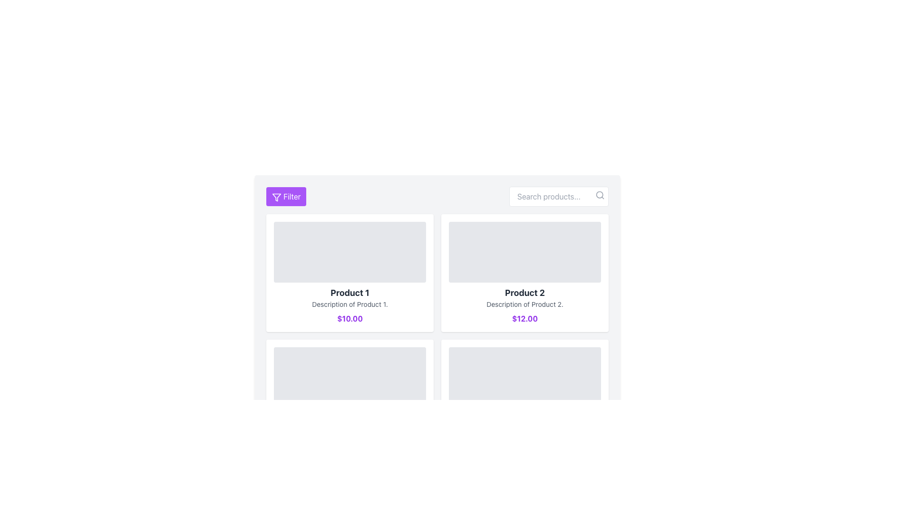 This screenshot has height=513, width=913. What do you see at coordinates (349, 304) in the screenshot?
I see `the text label that contains the description 'Description of Product 1.' which is styled in small gray font and is positioned below the title 'Product 1'` at bounding box center [349, 304].